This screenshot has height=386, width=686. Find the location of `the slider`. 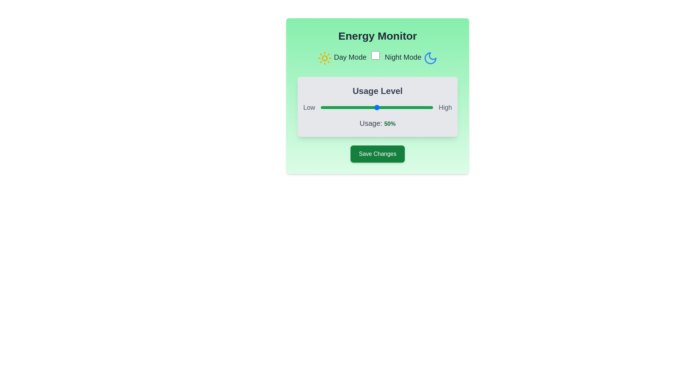

the slider is located at coordinates (369, 107).